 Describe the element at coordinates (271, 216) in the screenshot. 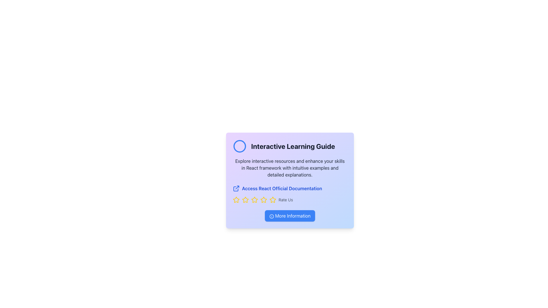

I see `the icon located to the left of the 'More Information' button at the bottom of the card` at that location.